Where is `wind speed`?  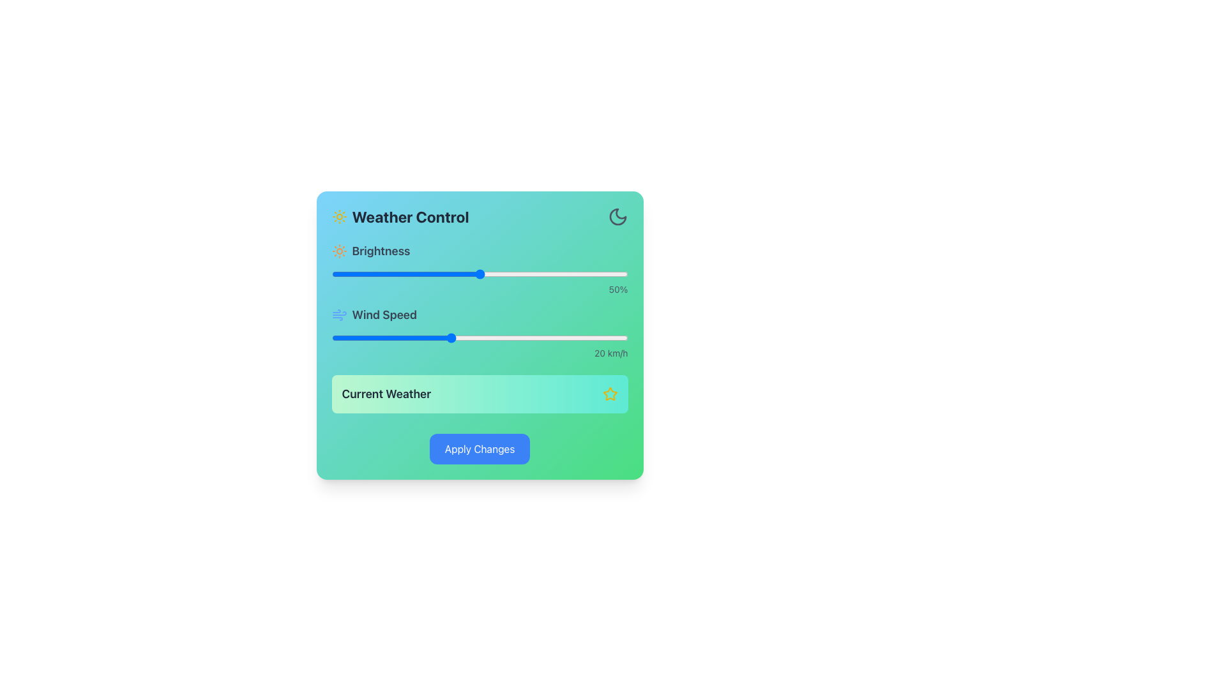 wind speed is located at coordinates (331, 337).